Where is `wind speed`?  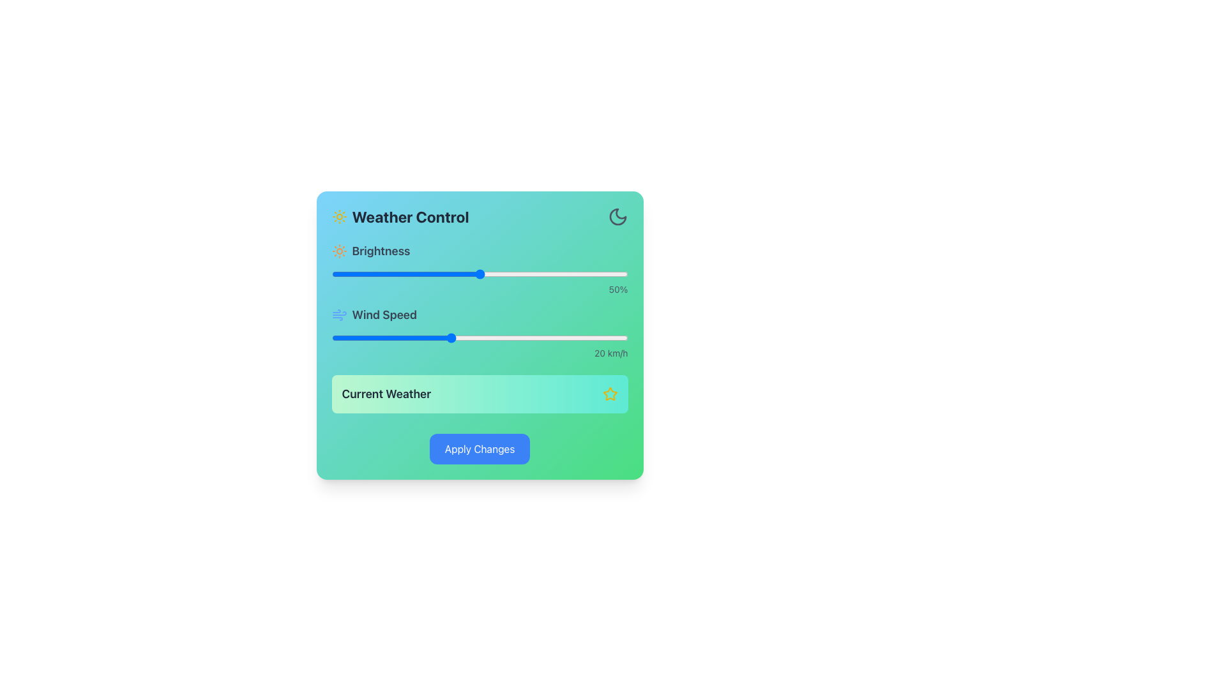 wind speed is located at coordinates (331, 337).